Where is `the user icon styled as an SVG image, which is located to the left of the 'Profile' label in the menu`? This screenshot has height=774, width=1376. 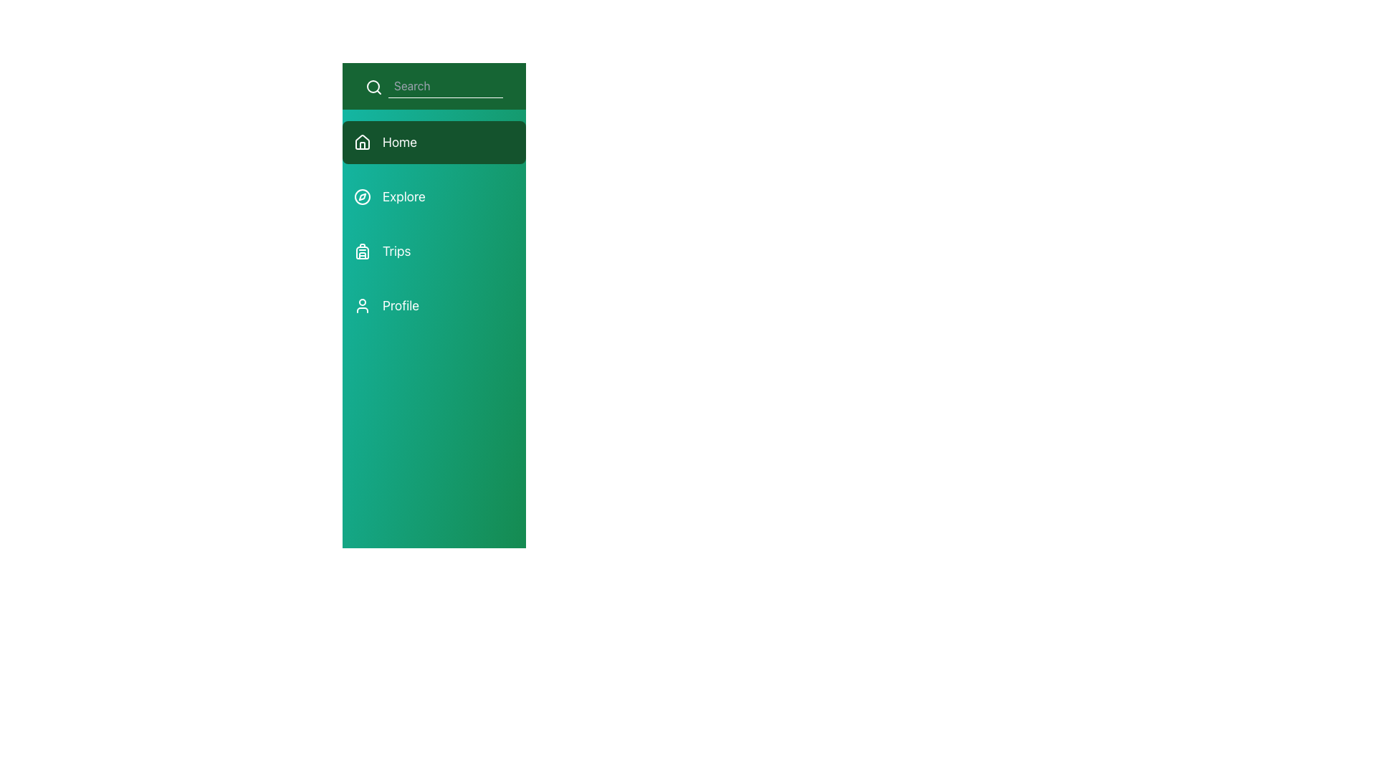 the user icon styled as an SVG image, which is located to the left of the 'Profile' label in the menu is located at coordinates (362, 305).